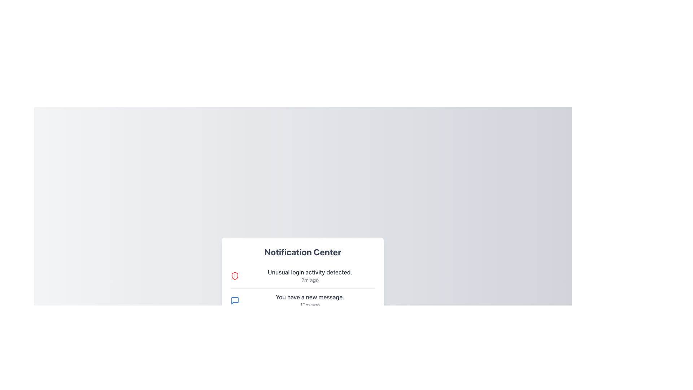 This screenshot has height=390, width=693. Describe the element at coordinates (235, 301) in the screenshot. I see `the appearance of the notification icon that represents messages, located at the bottom part of the notification center, preceding the text 'You have a new message.'` at that location.